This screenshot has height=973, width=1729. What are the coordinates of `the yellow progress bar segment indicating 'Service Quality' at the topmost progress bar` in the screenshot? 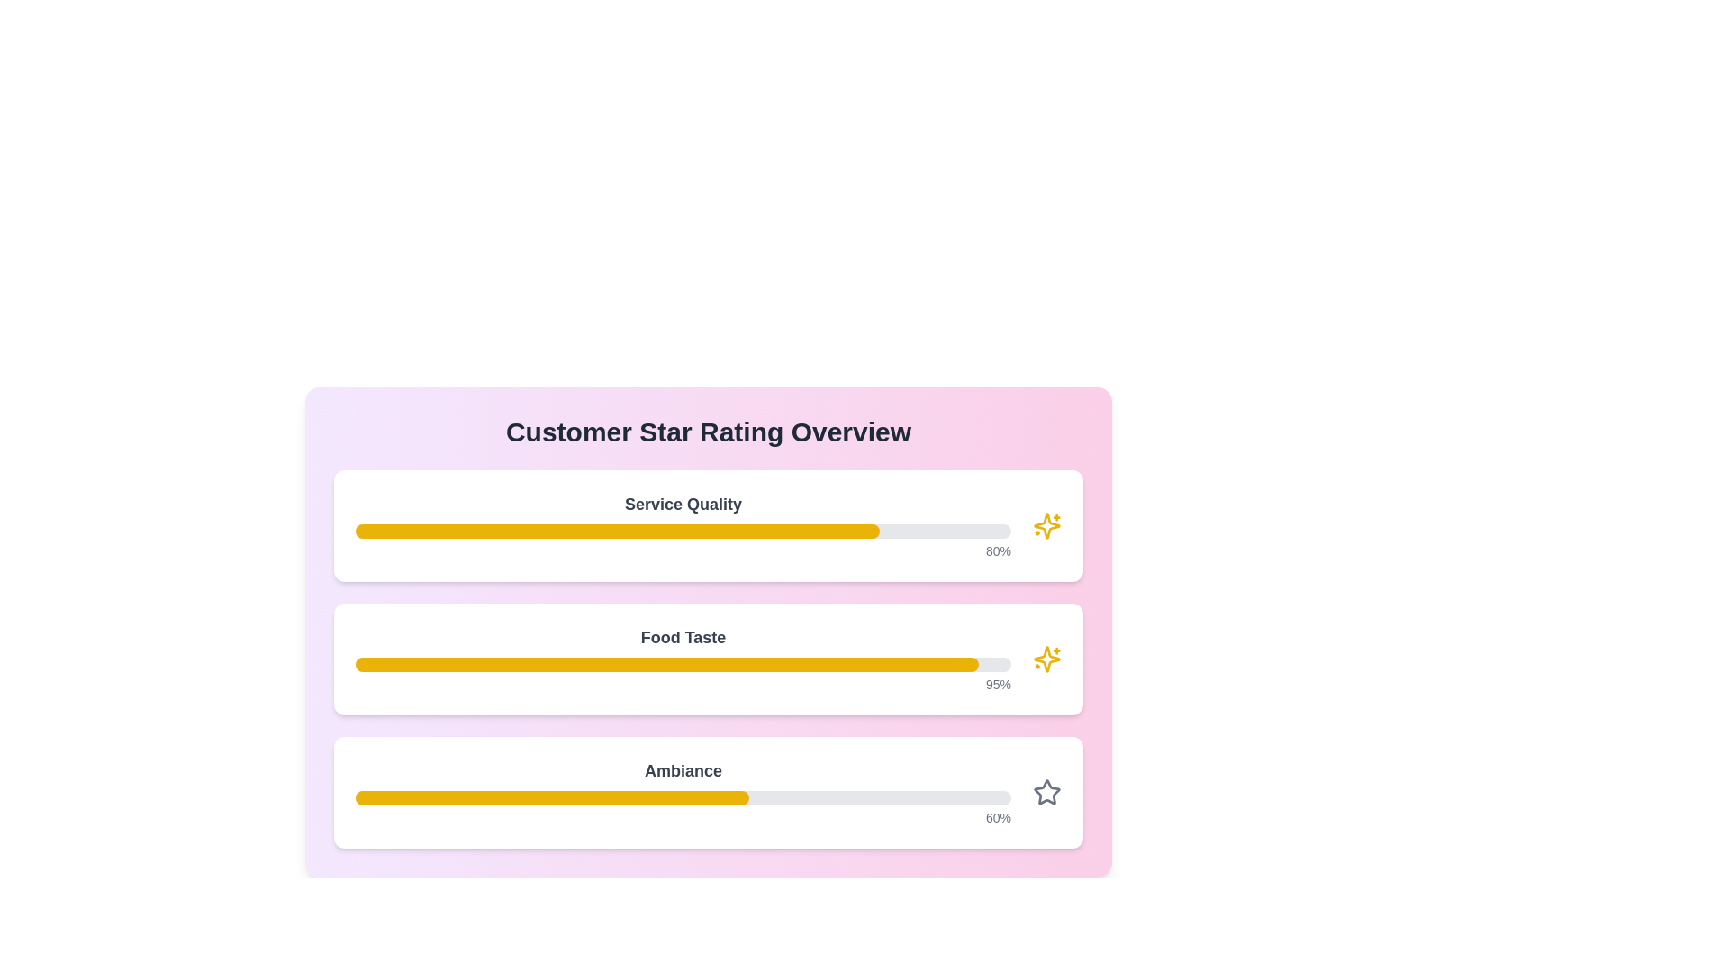 It's located at (618, 531).